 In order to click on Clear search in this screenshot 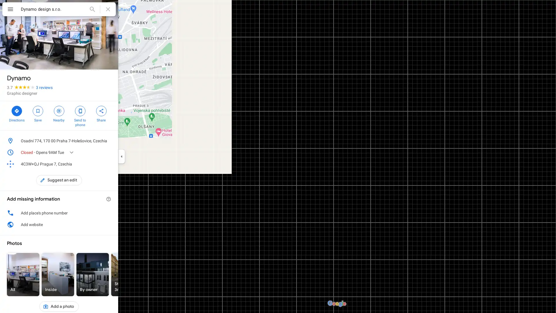, I will do `click(108, 9)`.